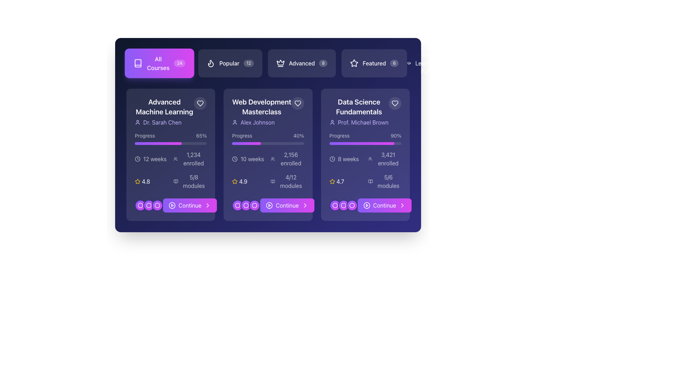 The image size is (676, 380). Describe the element at coordinates (287, 159) in the screenshot. I see `the text element displaying '2,156 enrolled' with an adjacent icon of two overlapping human figures, located in the second column beneath the duration indicator and above the progress bar and rating details` at that location.